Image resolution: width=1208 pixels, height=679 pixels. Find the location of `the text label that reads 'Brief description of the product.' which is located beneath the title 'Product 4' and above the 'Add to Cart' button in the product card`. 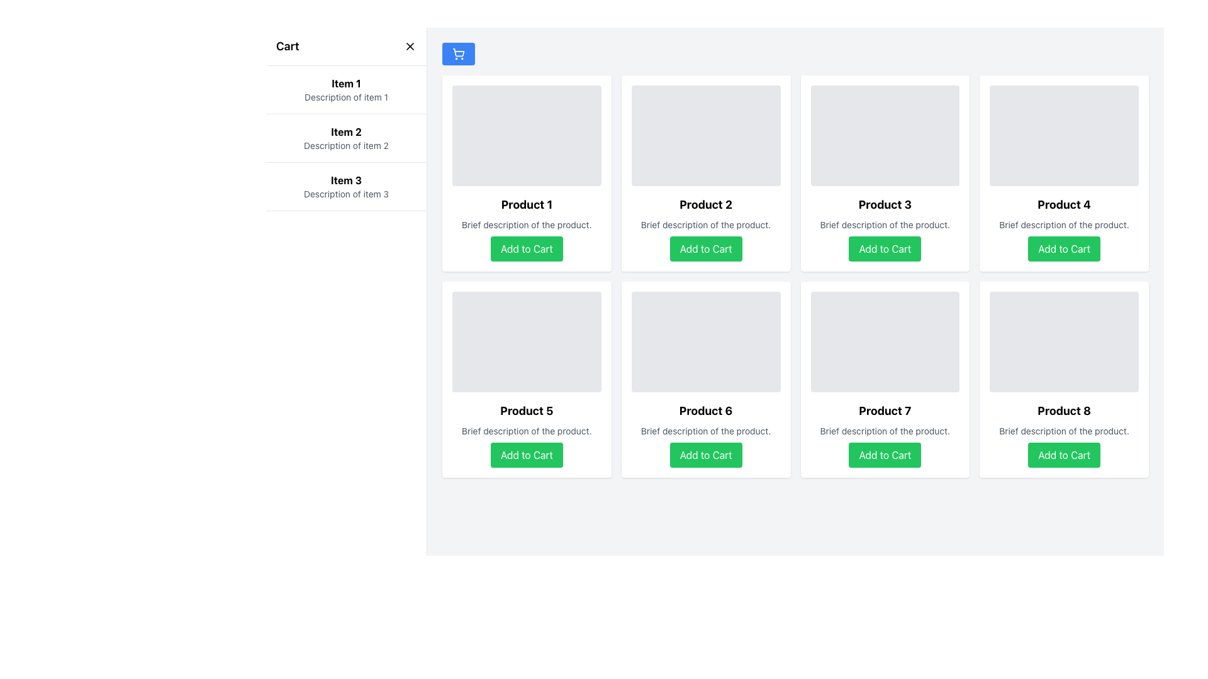

the text label that reads 'Brief description of the product.' which is located beneath the title 'Product 4' and above the 'Add to Cart' button in the product card is located at coordinates (1063, 224).